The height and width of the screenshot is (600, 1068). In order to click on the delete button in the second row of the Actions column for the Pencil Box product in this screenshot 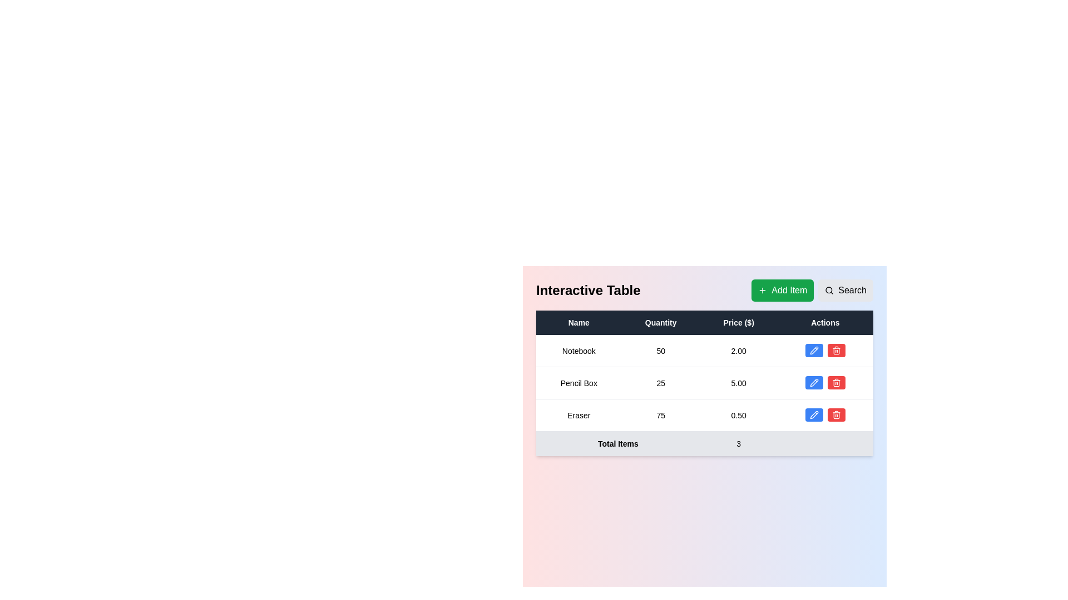, I will do `click(836, 415)`.